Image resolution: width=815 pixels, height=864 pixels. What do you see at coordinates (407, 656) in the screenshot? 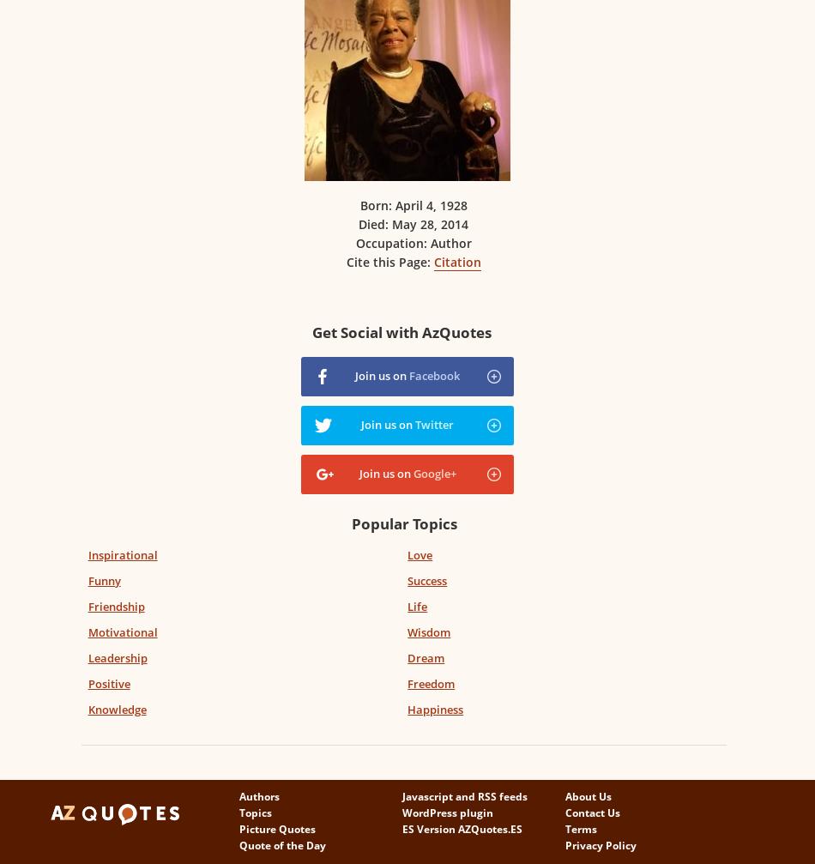
I see `'Dream'` at bounding box center [407, 656].